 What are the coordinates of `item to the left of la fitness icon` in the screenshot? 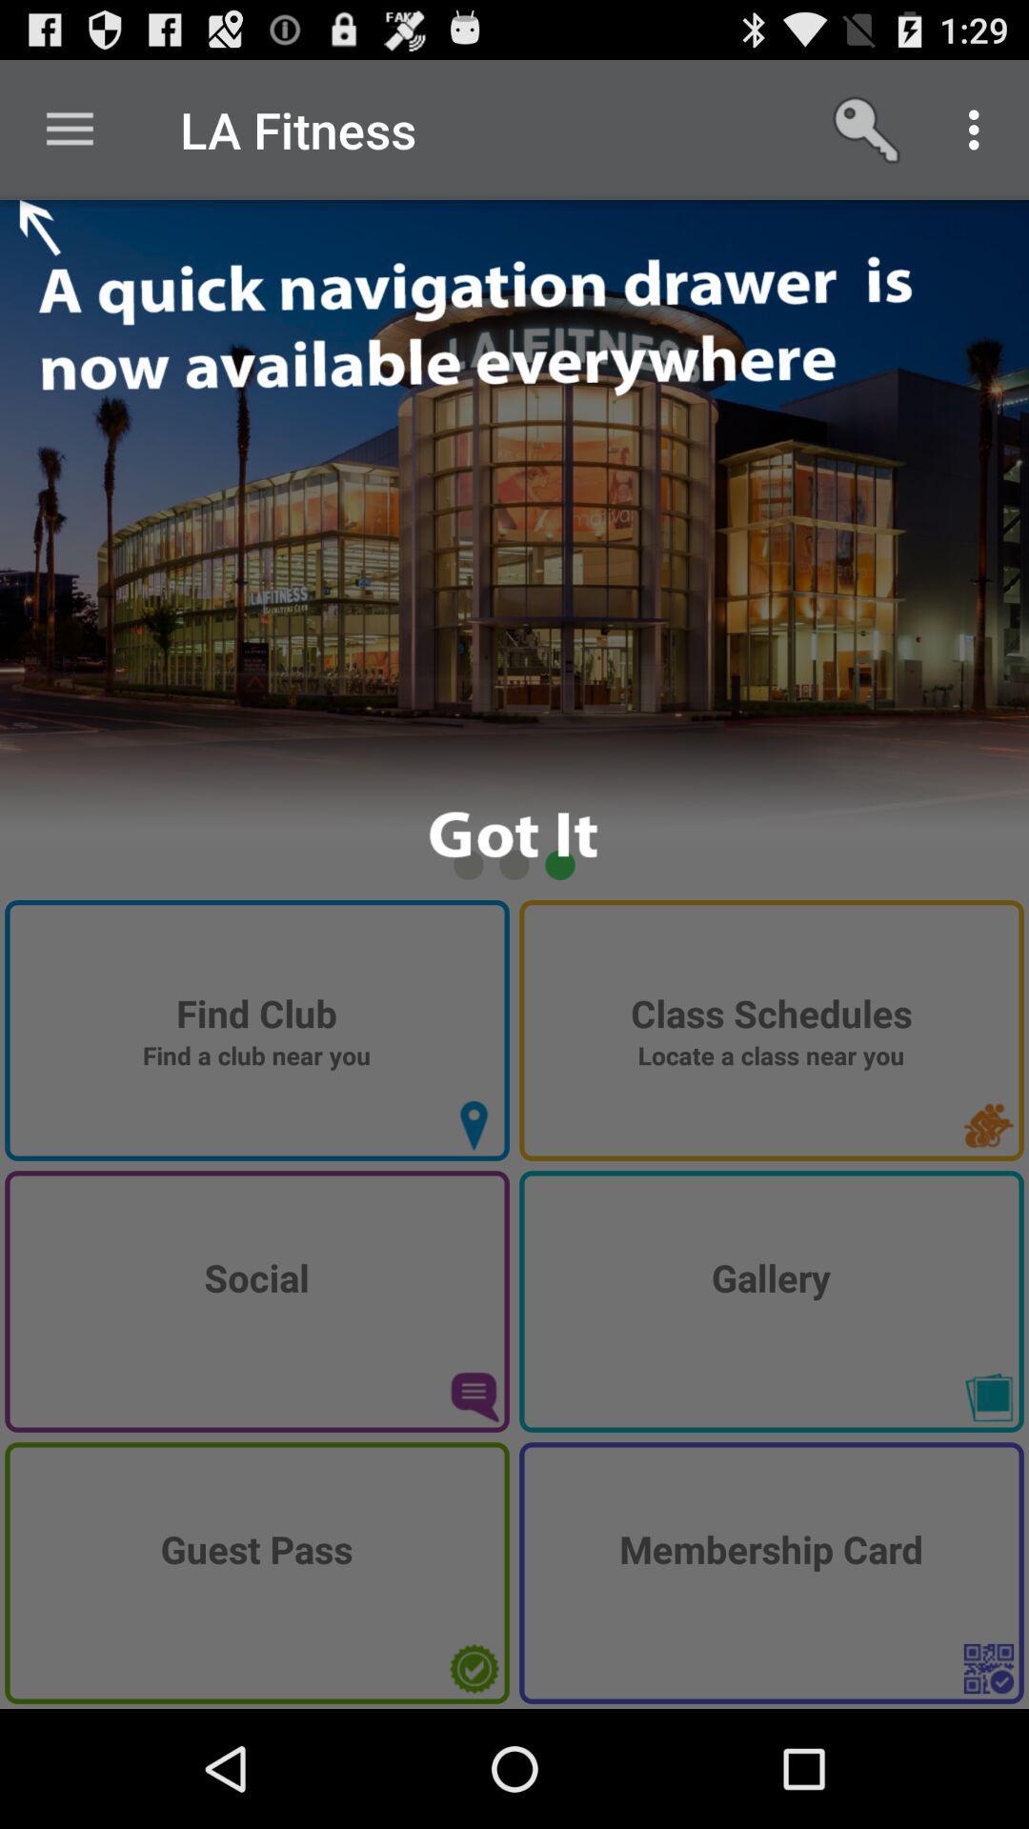 It's located at (69, 129).